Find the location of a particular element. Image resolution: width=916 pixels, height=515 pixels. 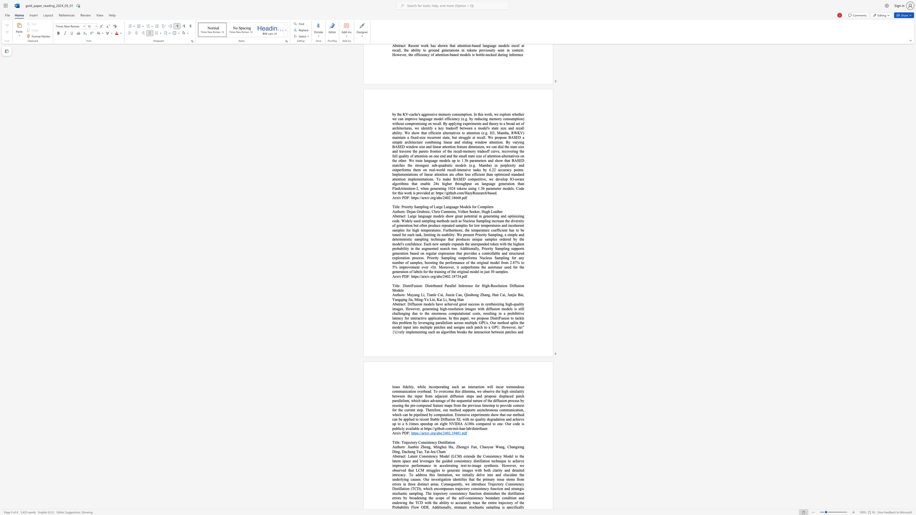

the subset text "utational costs, resulting in a prohibitive latency for interactive applications. In this paper, we propose DistriFusion to tackle this problem by leveraging parallelism across multiple GPUs. Our method splits the model input into multiple patches and assigns each patch to a GPU. However, na\" within the text "Diffusion models have achieved great success in synthesizing high-quality images. However, generating high-resolution images with diffusion models is still challenging due to the enormous computational costs, resulting in a prohibitive latency for interactive applications. In this paper, we propose DistriFusion to tackle this problem by leveraging parallelism across multiple GPUs. Our method splits the model input into multiple patches and assigns each patch to a GPU. However, na\" is located at coordinates (457, 313).